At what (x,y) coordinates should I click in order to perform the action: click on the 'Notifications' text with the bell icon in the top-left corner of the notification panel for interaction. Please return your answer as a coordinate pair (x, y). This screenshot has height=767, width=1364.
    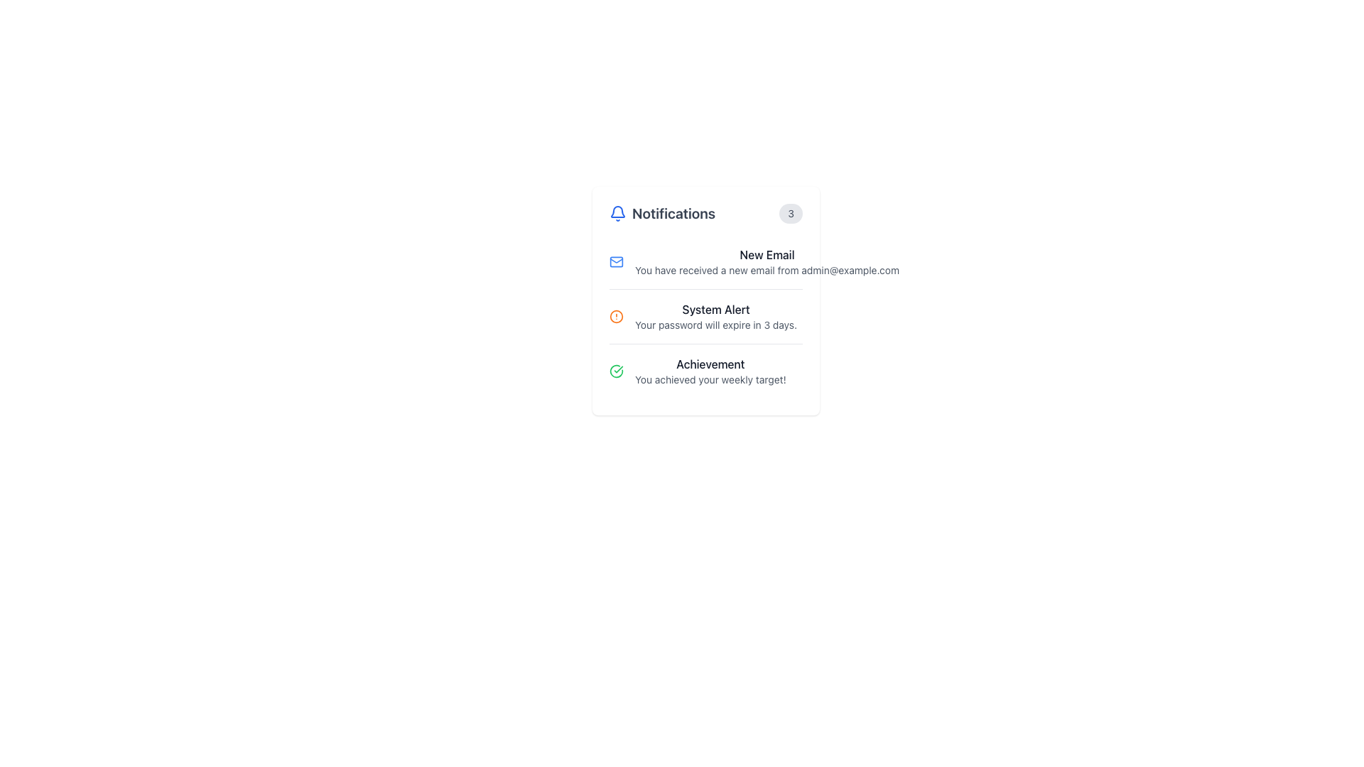
    Looking at the image, I should click on (661, 213).